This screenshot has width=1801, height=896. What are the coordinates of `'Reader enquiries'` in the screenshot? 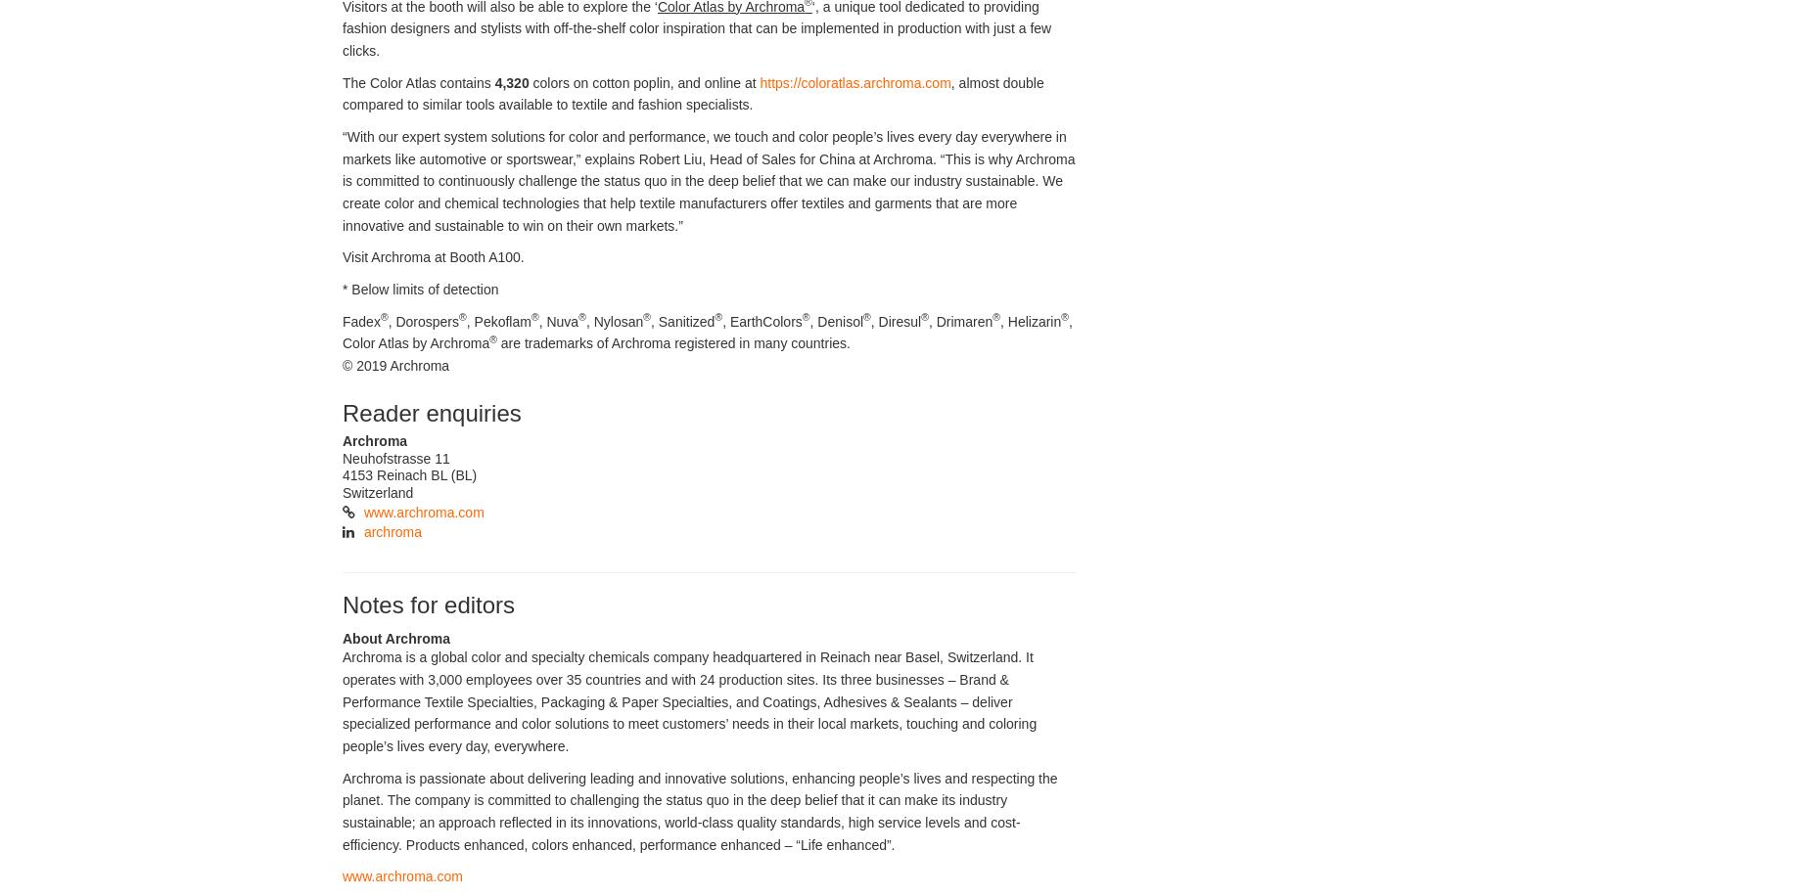 It's located at (431, 411).